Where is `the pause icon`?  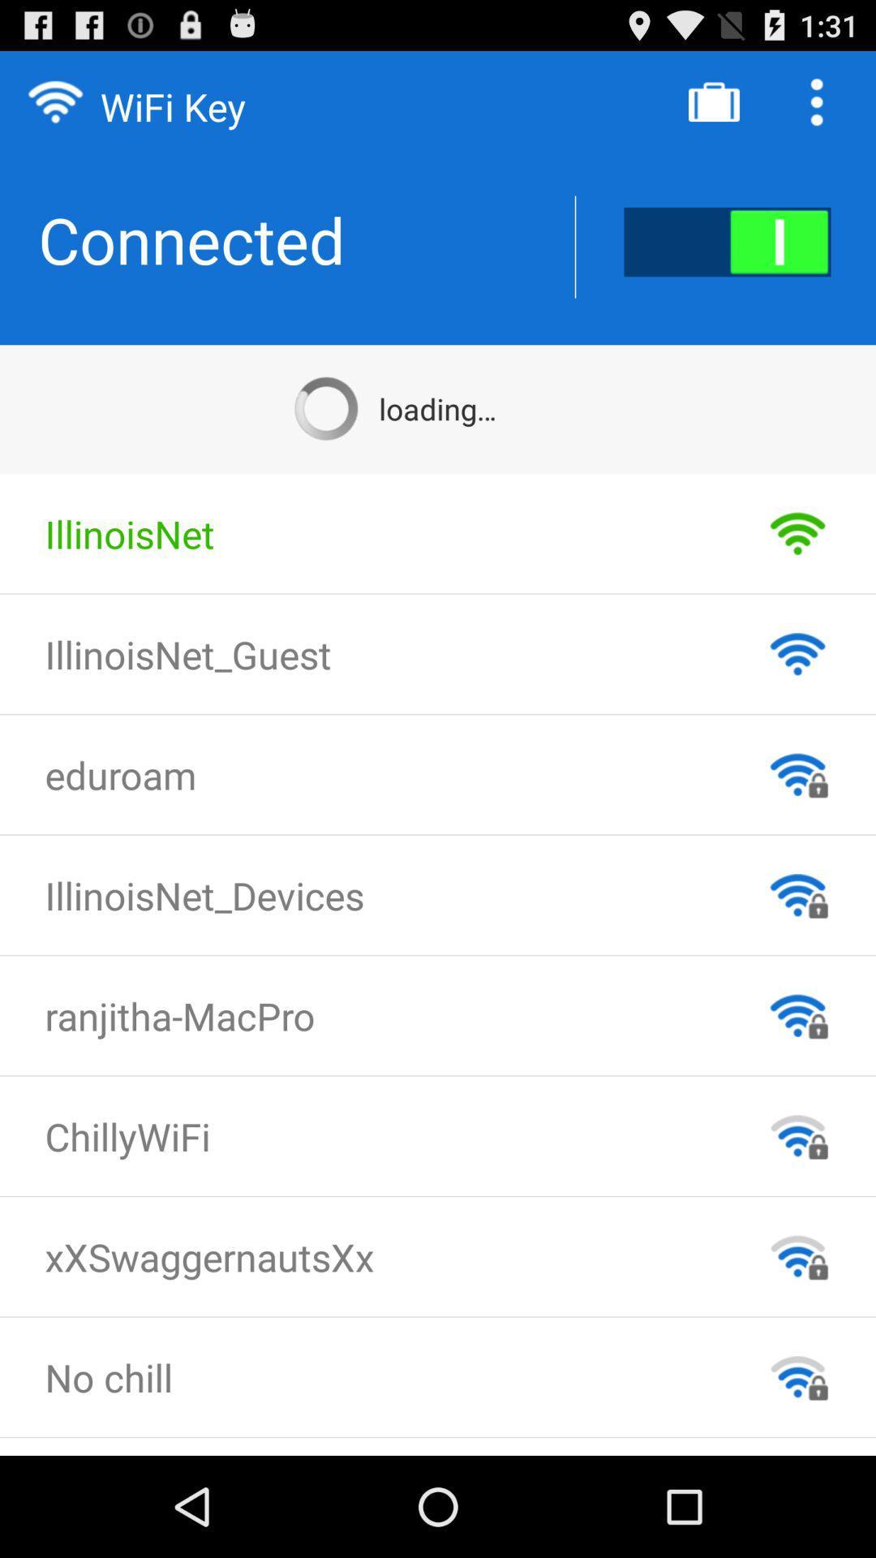 the pause icon is located at coordinates (727, 258).